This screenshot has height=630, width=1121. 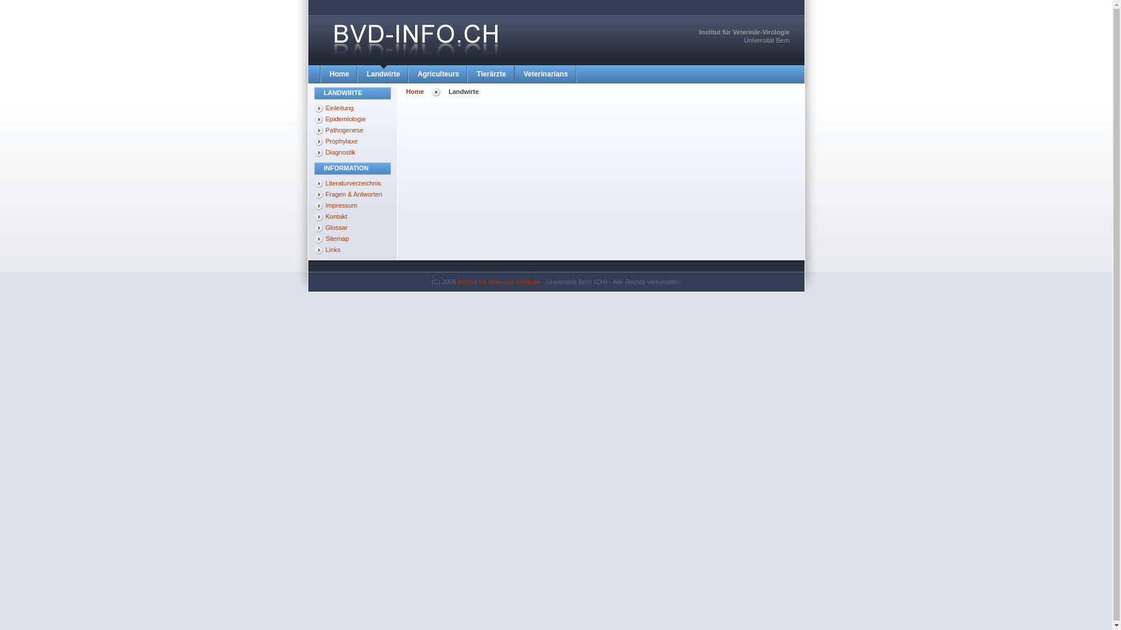 I want to click on 'Landwirte', so click(x=383, y=74).